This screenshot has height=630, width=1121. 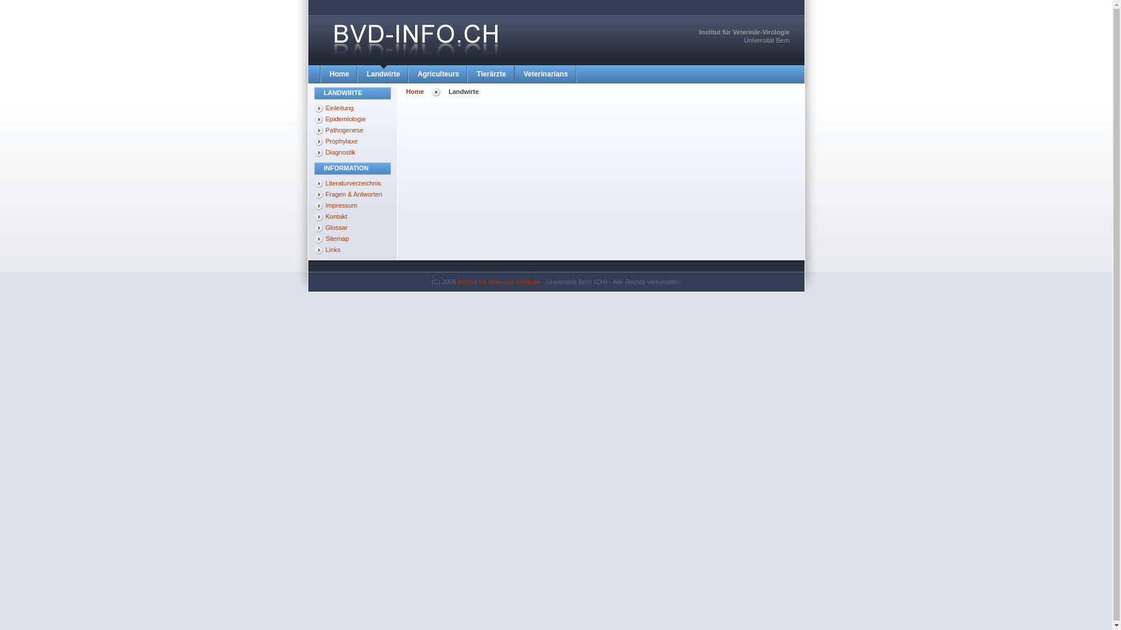 I want to click on 'Landwirte', so click(x=383, y=74).